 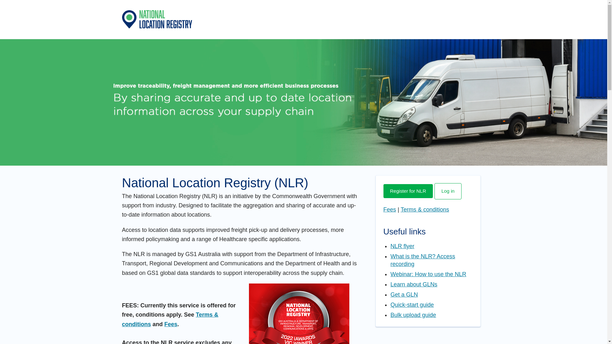 I want to click on 'Terms & conditions', so click(x=400, y=210).